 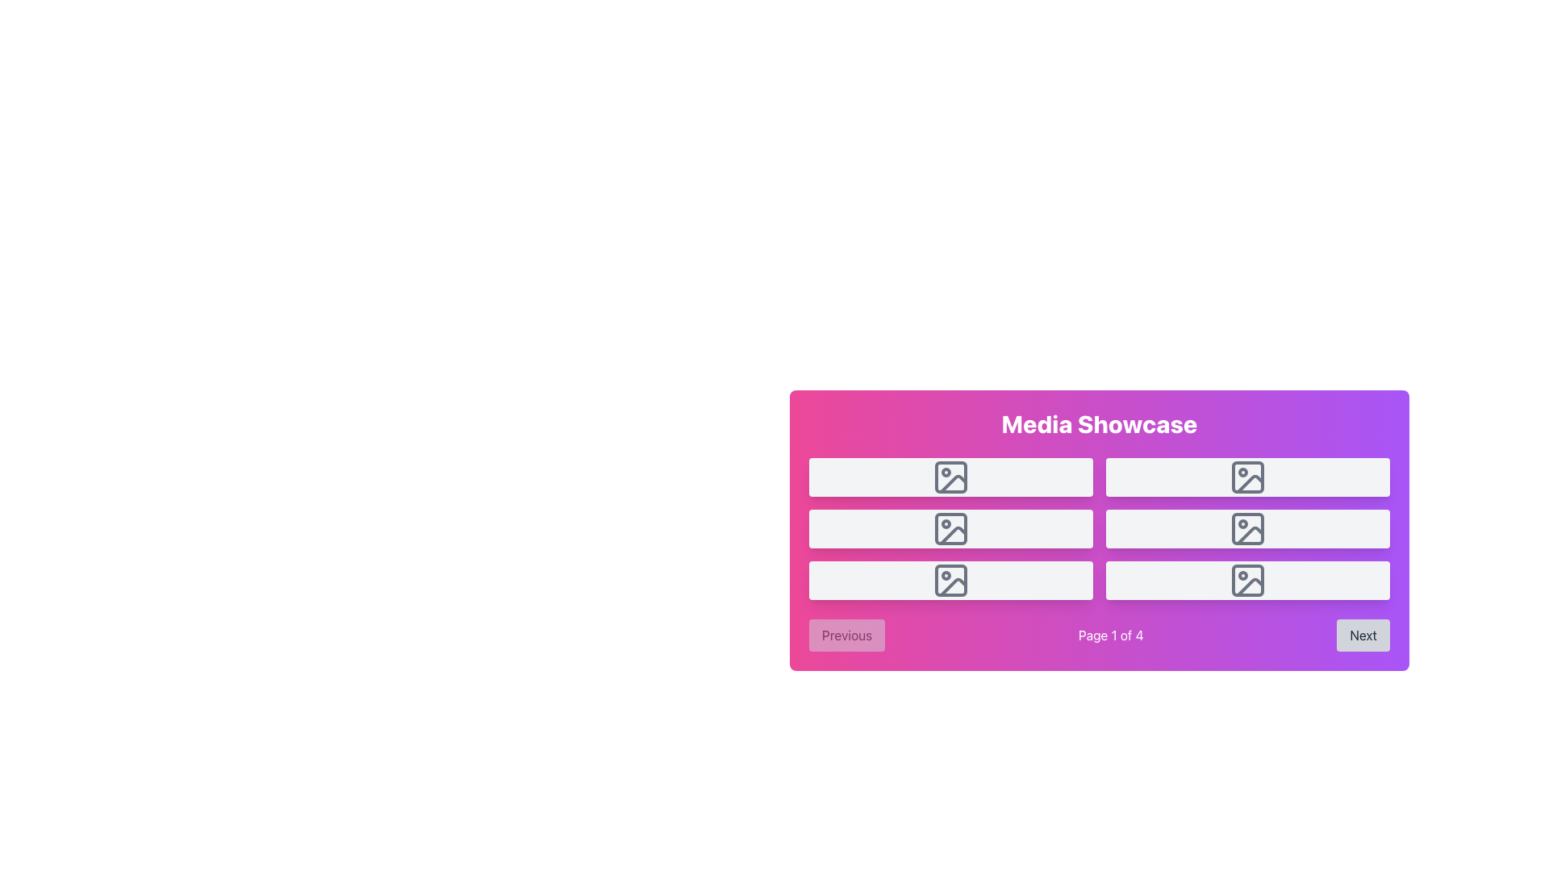 I want to click on the image placeholder icon located at the bottom-right corner of the media showcase panel, specifically in the last cell of the third row in a 3x2 grid, so click(x=1246, y=581).